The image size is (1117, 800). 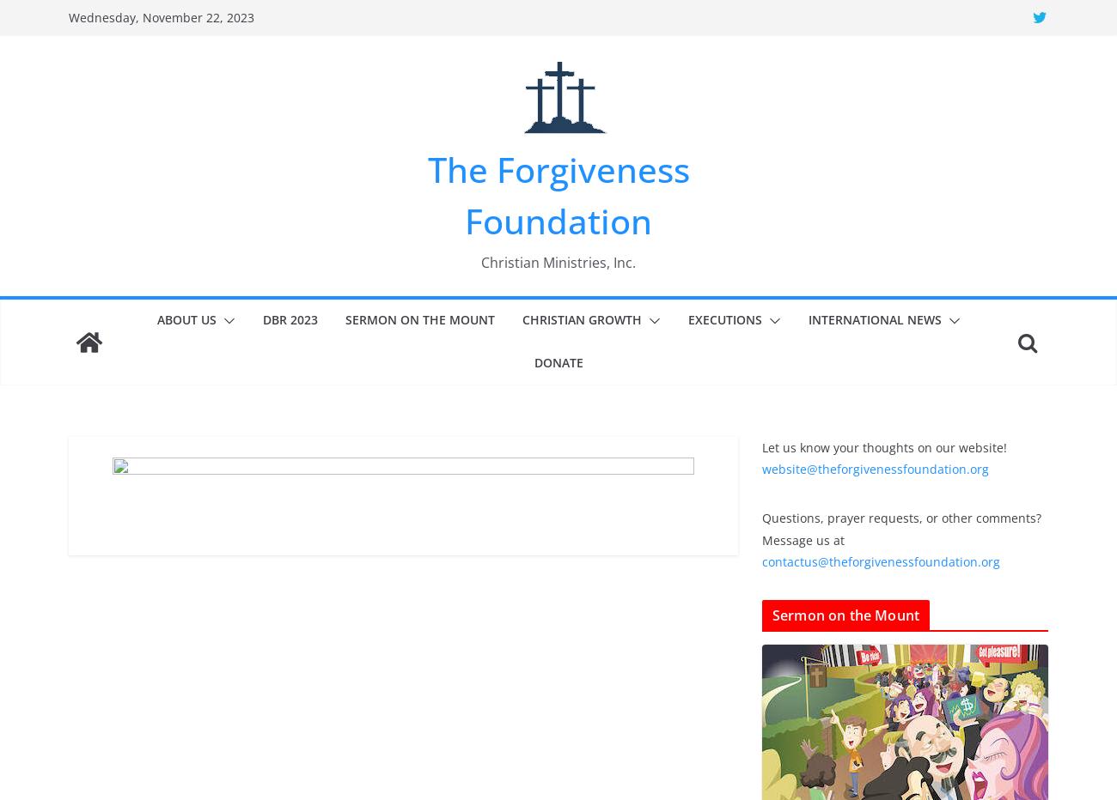 What do you see at coordinates (724, 318) in the screenshot?
I see `'Executions'` at bounding box center [724, 318].